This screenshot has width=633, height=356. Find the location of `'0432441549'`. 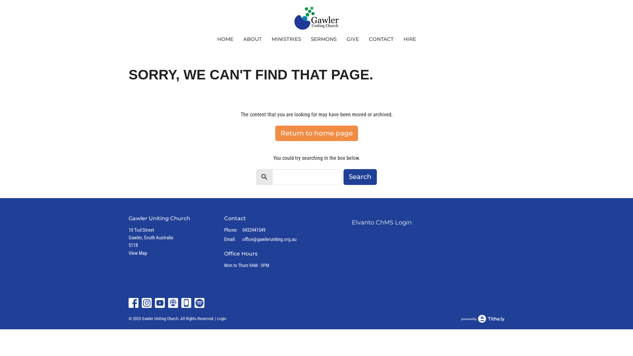

'0432441549' is located at coordinates (253, 230).